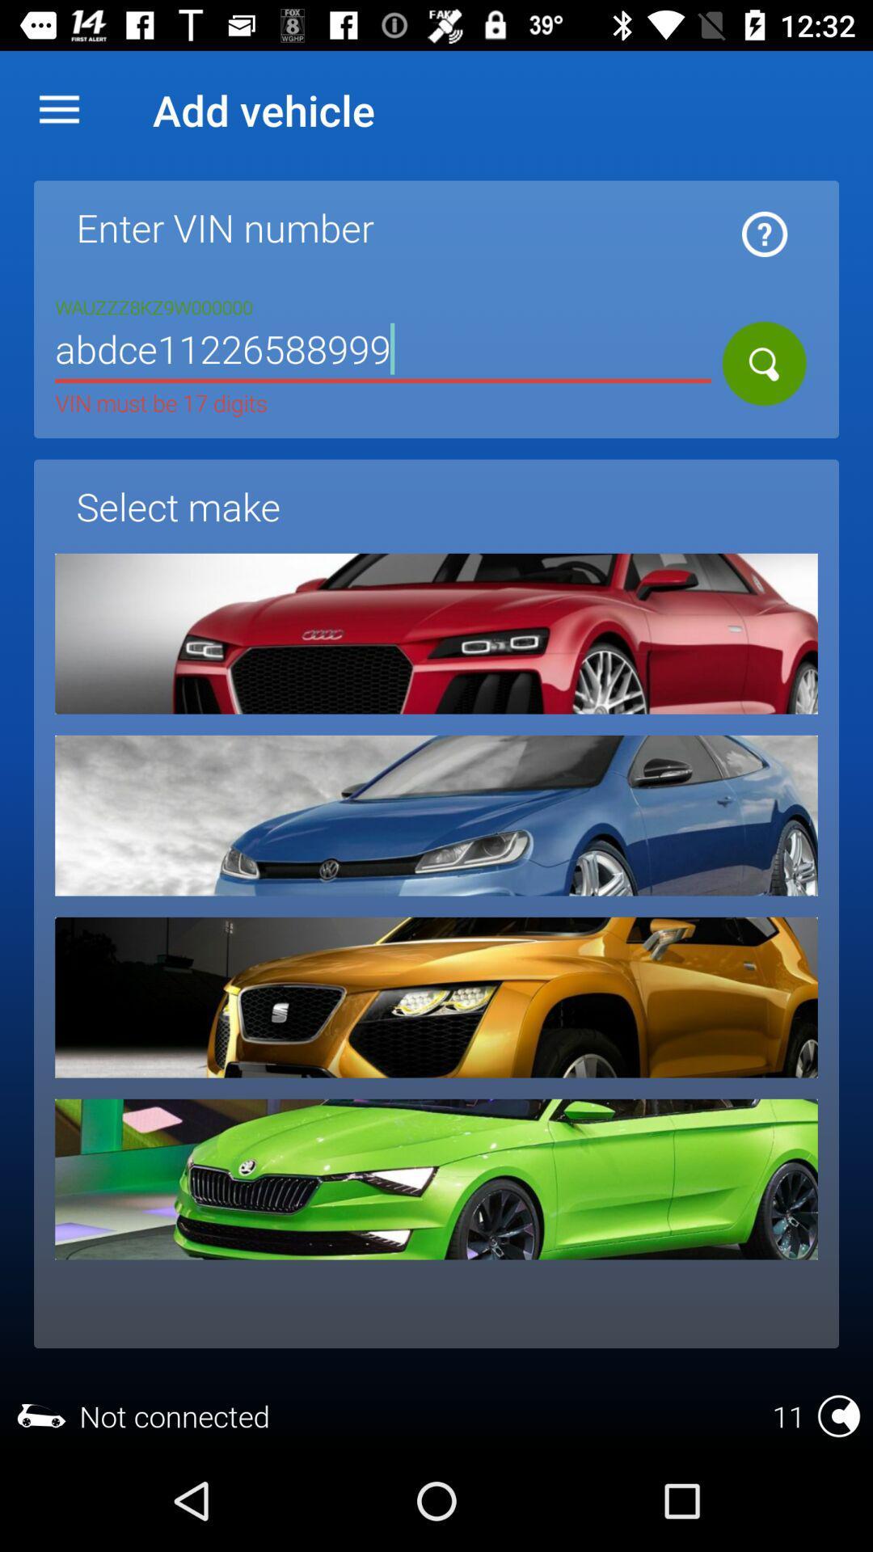 The width and height of the screenshot is (873, 1552). What do you see at coordinates (383, 351) in the screenshot?
I see `icon above select make item` at bounding box center [383, 351].